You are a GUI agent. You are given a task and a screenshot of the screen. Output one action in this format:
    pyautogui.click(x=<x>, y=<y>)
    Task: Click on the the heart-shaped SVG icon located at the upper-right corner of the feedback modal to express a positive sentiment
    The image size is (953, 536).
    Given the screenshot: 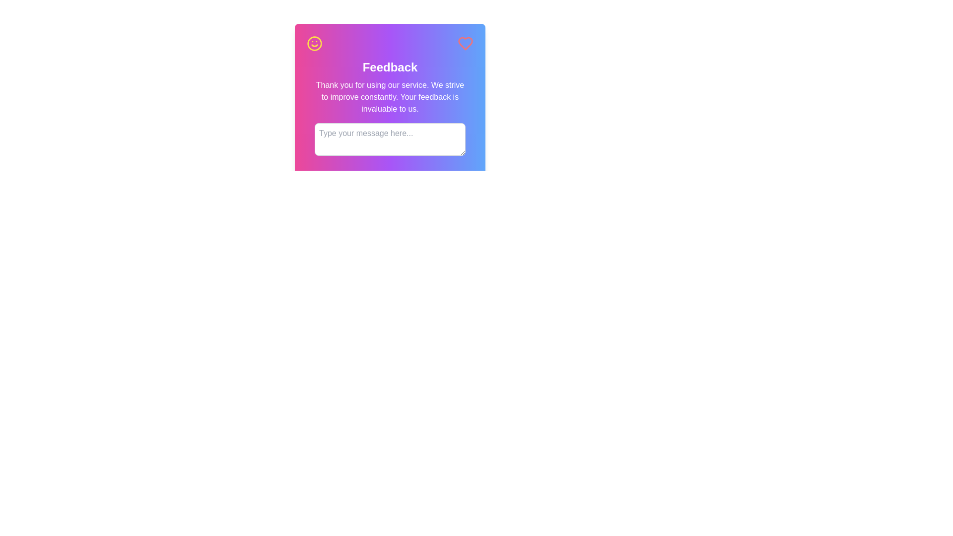 What is the action you would take?
    pyautogui.click(x=465, y=43)
    